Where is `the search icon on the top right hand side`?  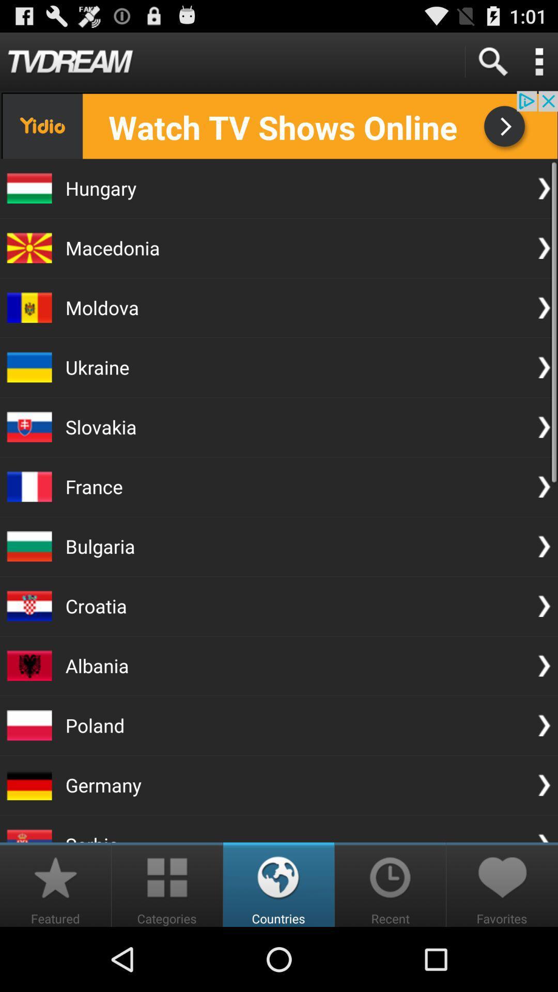 the search icon on the top right hand side is located at coordinates (492, 61).